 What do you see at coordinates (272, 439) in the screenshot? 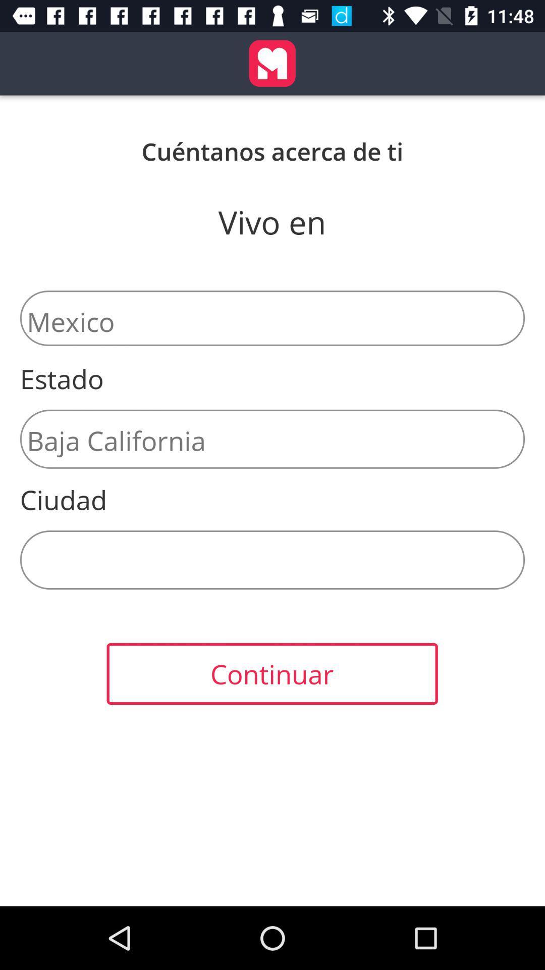
I see `the baja california icon` at bounding box center [272, 439].